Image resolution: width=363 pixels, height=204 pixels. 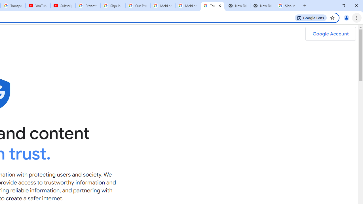 I want to click on 'Chrome', so click(x=357, y=17).